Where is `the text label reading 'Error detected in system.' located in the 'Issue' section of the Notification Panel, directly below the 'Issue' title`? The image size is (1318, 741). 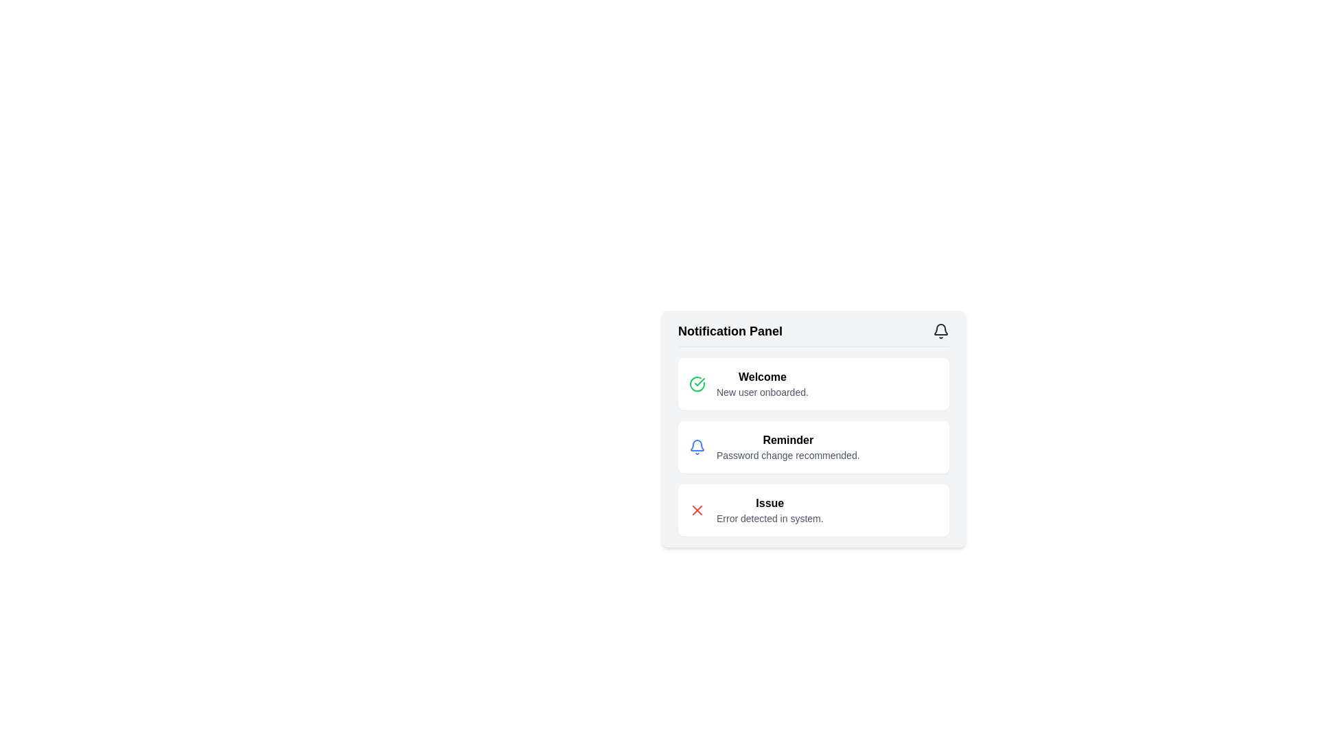 the text label reading 'Error detected in system.' located in the 'Issue' section of the Notification Panel, directly below the 'Issue' title is located at coordinates (770, 519).